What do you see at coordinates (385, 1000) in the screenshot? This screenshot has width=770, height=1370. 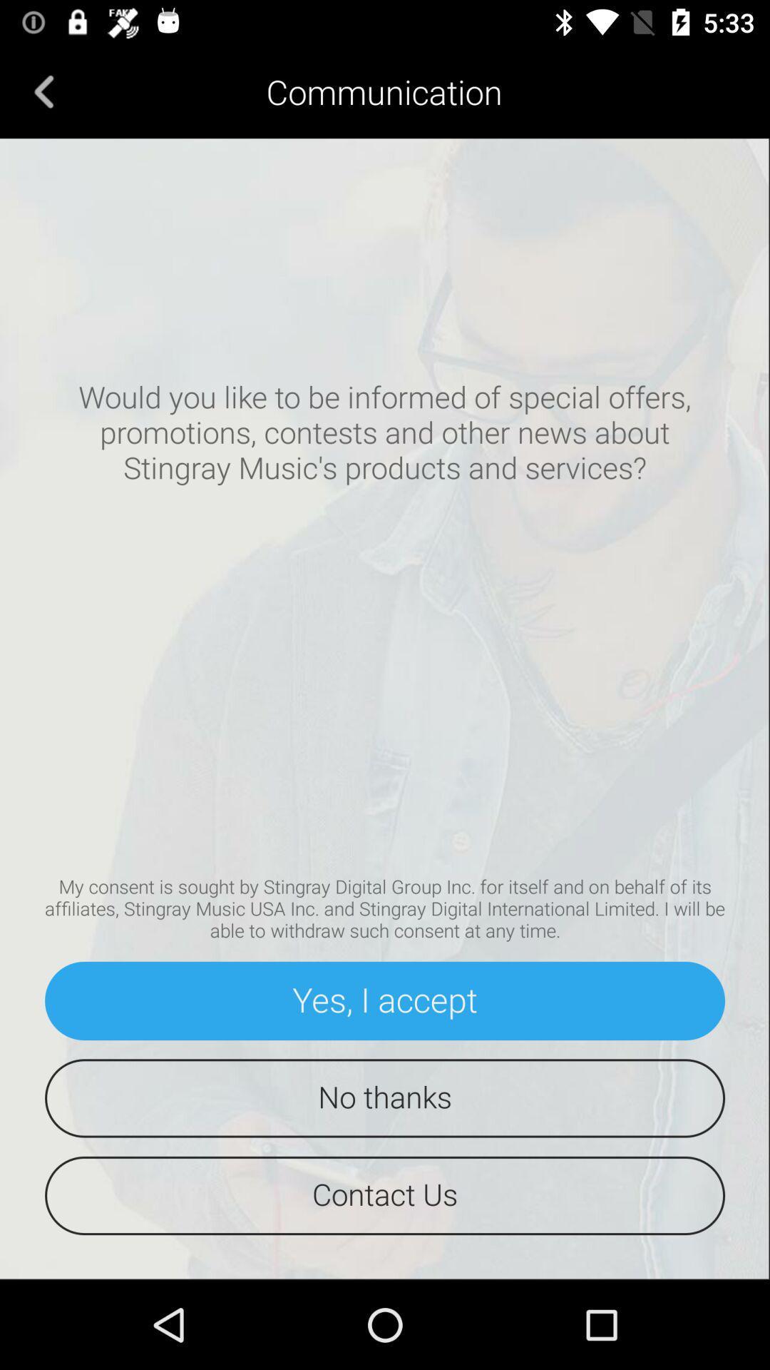 I see `the yes, i accept icon` at bounding box center [385, 1000].